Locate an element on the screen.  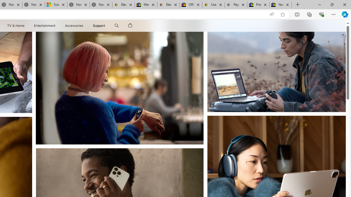
'Support menu' is located at coordinates (106, 25).